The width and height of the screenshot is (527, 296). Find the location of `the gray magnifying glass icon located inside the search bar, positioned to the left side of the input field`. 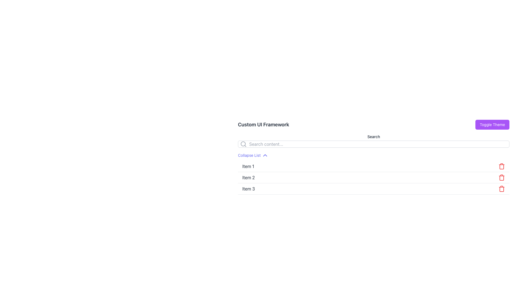

the gray magnifying glass icon located inside the search bar, positioned to the left side of the input field is located at coordinates (243, 144).